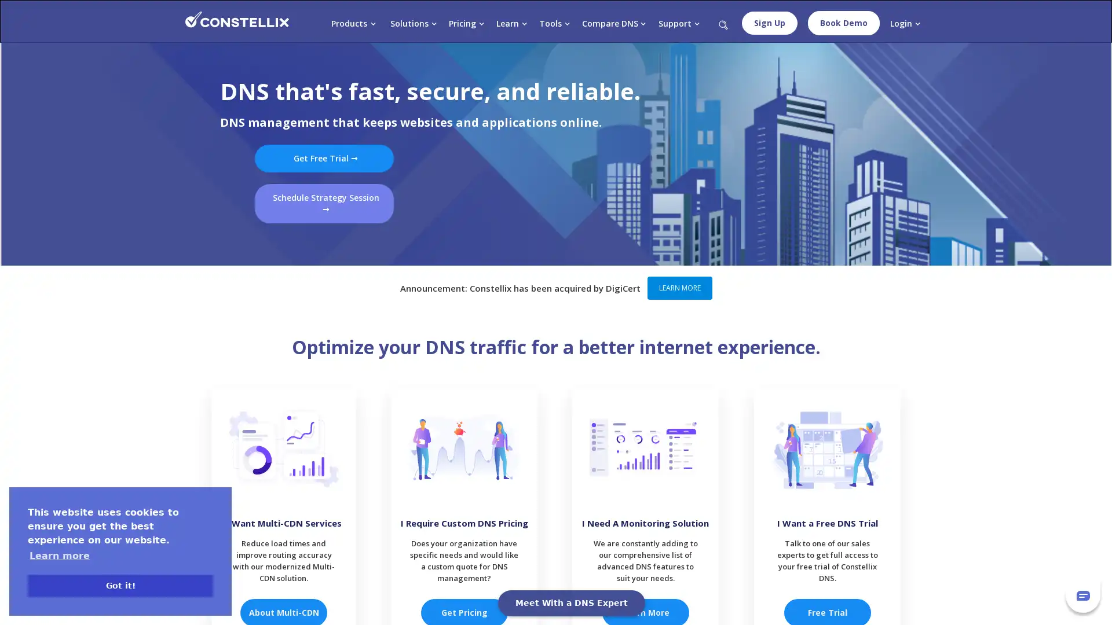  What do you see at coordinates (120, 585) in the screenshot?
I see `dismiss cookie message` at bounding box center [120, 585].